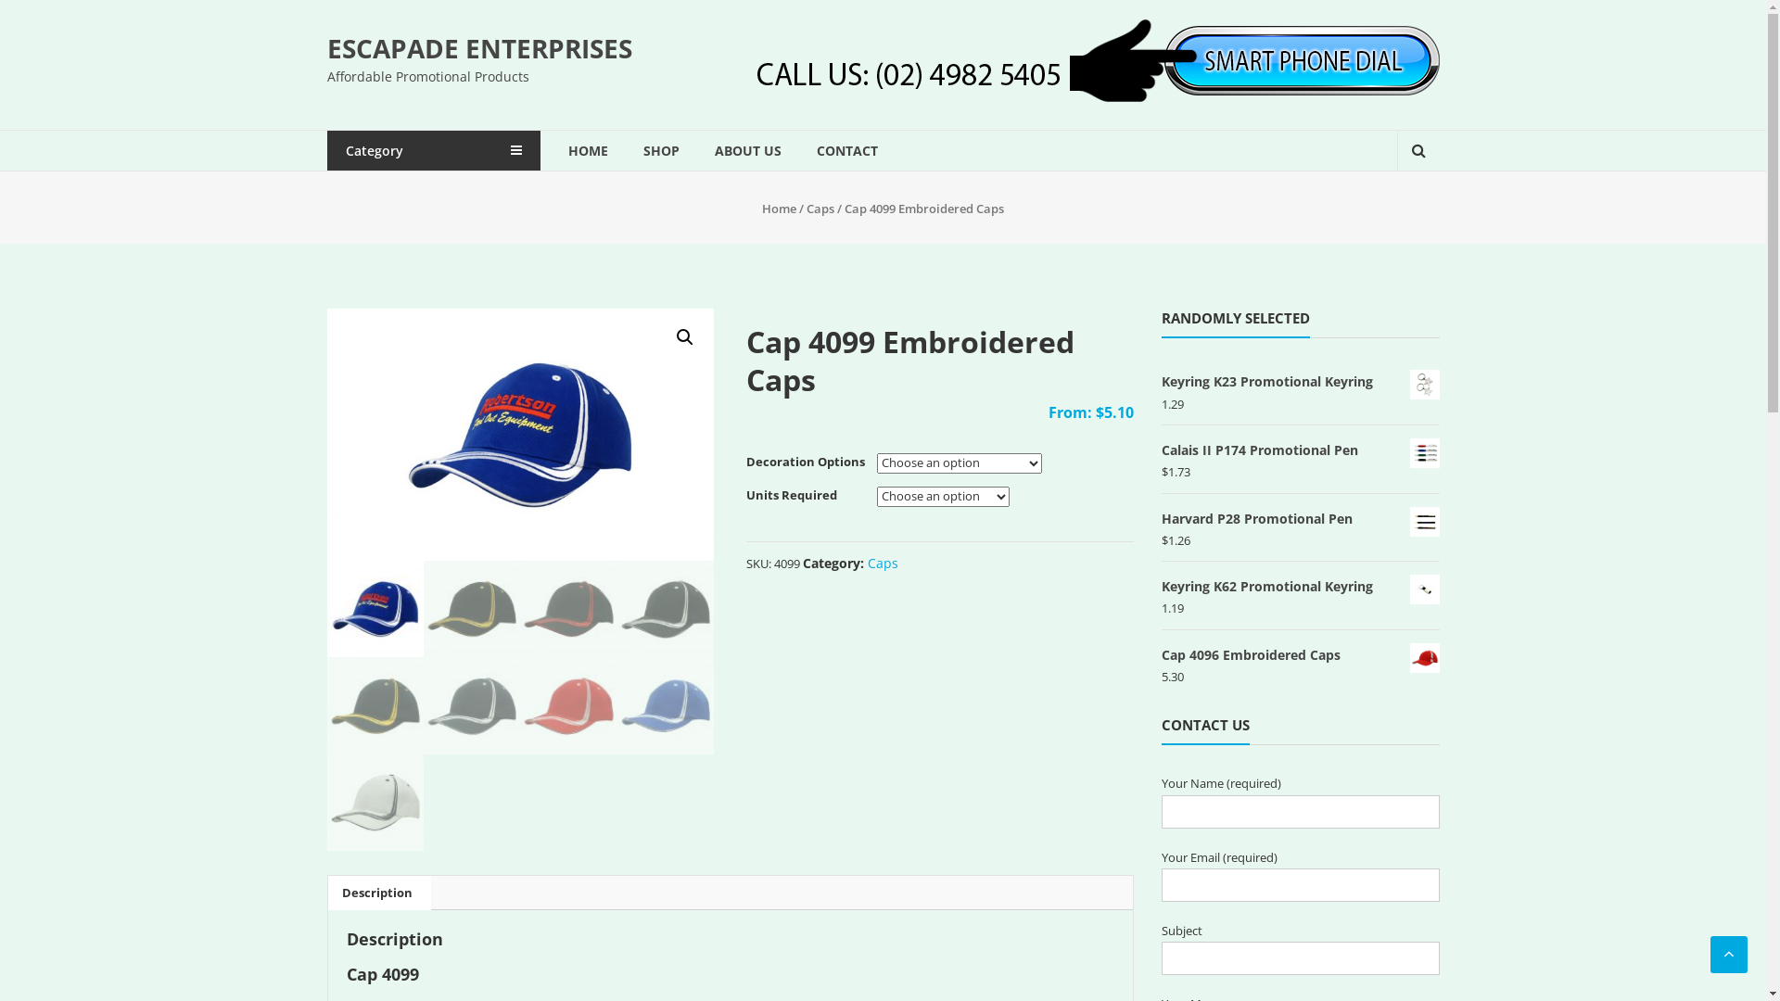  I want to click on 'Caps', so click(882, 562).